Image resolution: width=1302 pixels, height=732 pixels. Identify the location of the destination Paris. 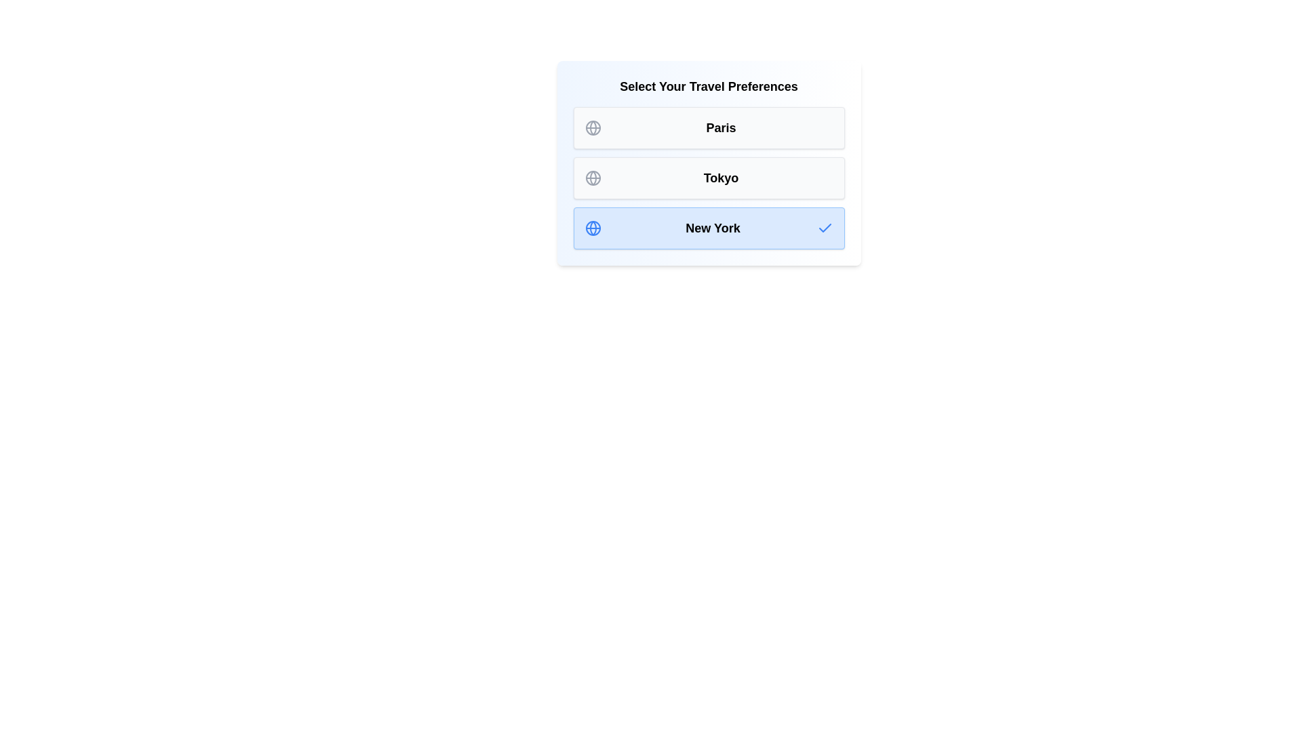
(708, 128).